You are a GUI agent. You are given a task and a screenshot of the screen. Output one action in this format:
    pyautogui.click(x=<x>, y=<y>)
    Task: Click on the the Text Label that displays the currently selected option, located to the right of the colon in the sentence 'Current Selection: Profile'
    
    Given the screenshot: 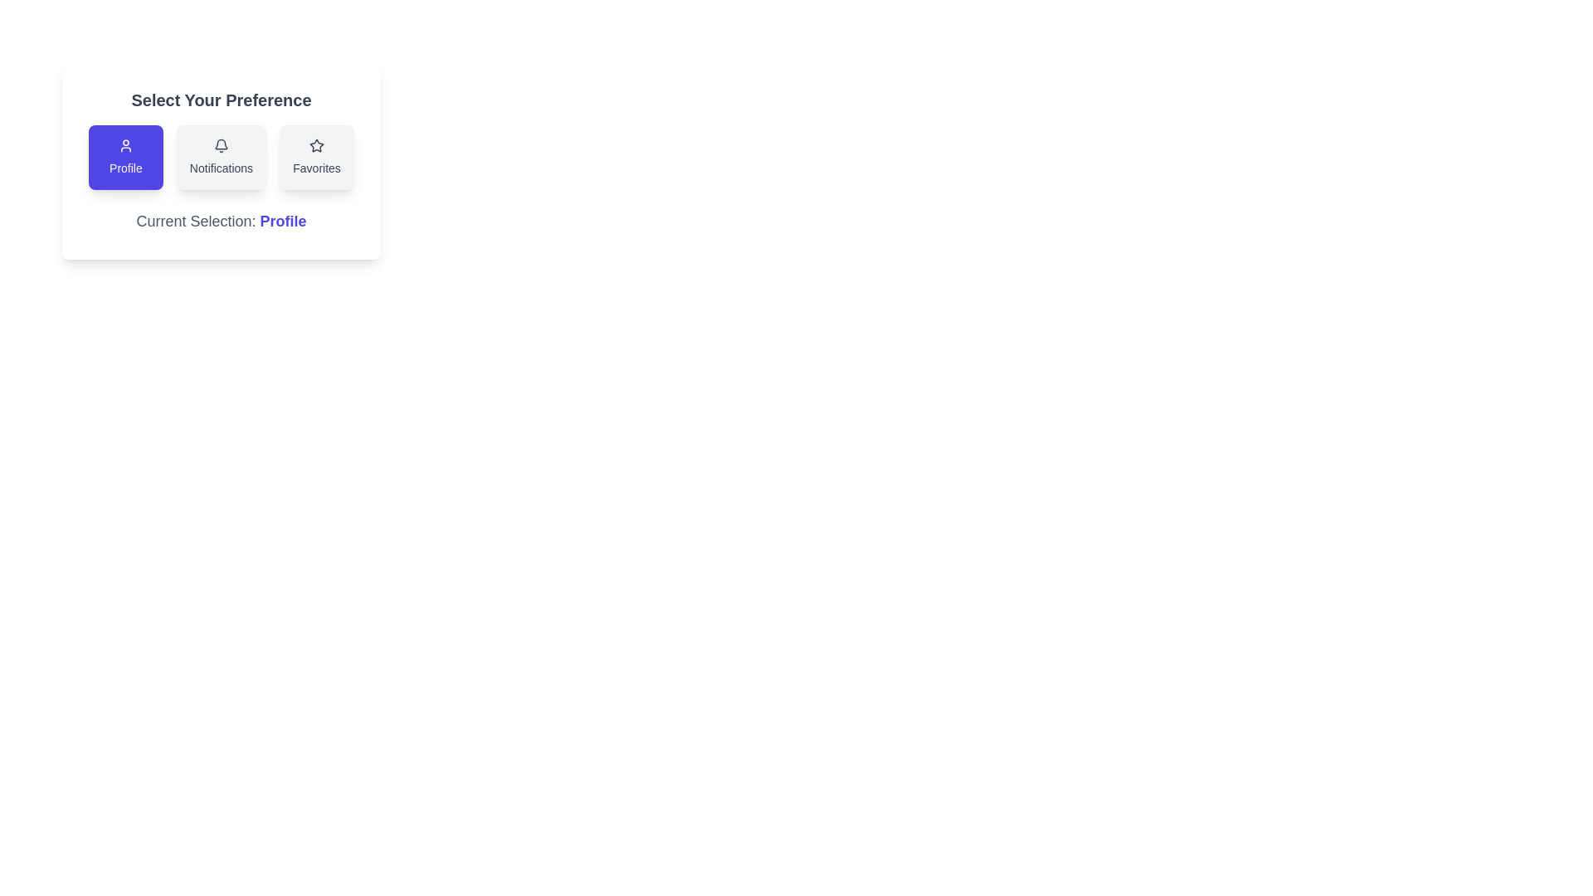 What is the action you would take?
    pyautogui.click(x=283, y=220)
    